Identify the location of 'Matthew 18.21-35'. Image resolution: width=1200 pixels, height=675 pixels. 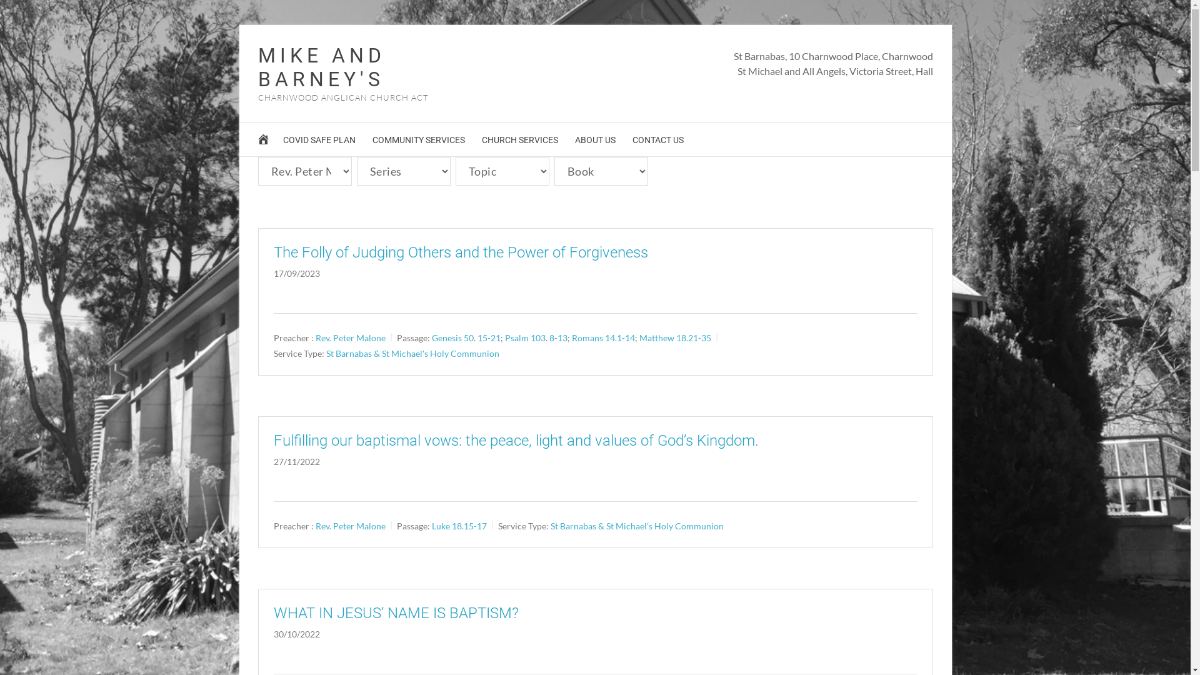
(674, 337).